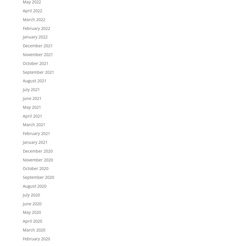 Image resolution: width=228 pixels, height=246 pixels. What do you see at coordinates (38, 72) in the screenshot?
I see `'September 2021'` at bounding box center [38, 72].